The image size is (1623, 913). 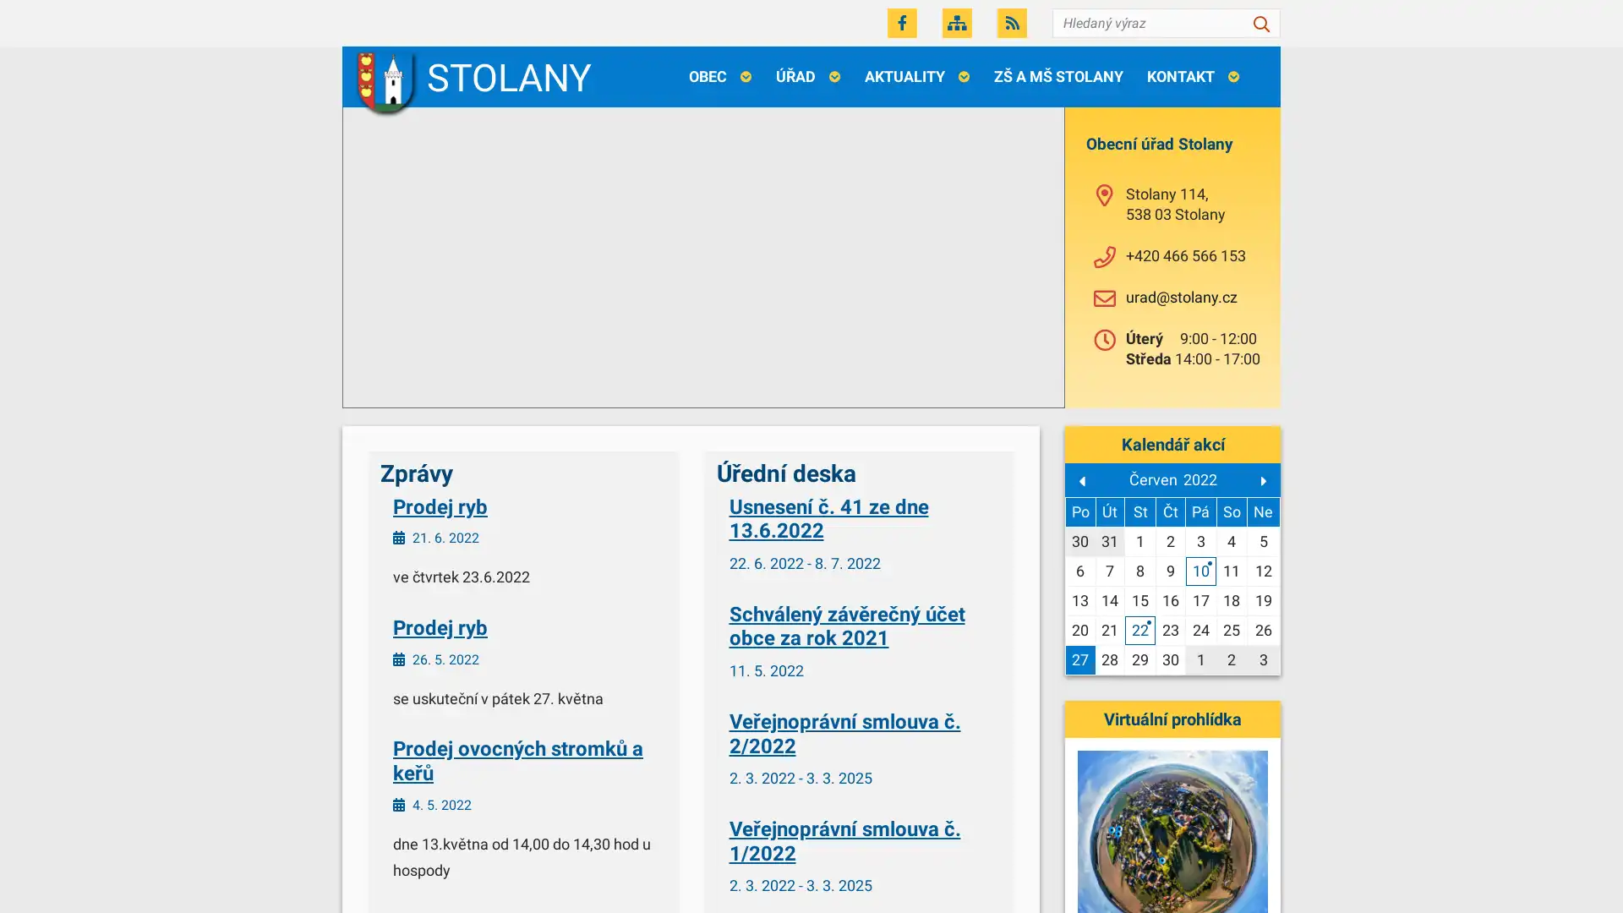 I want to click on Hledat, so click(x=1261, y=23).